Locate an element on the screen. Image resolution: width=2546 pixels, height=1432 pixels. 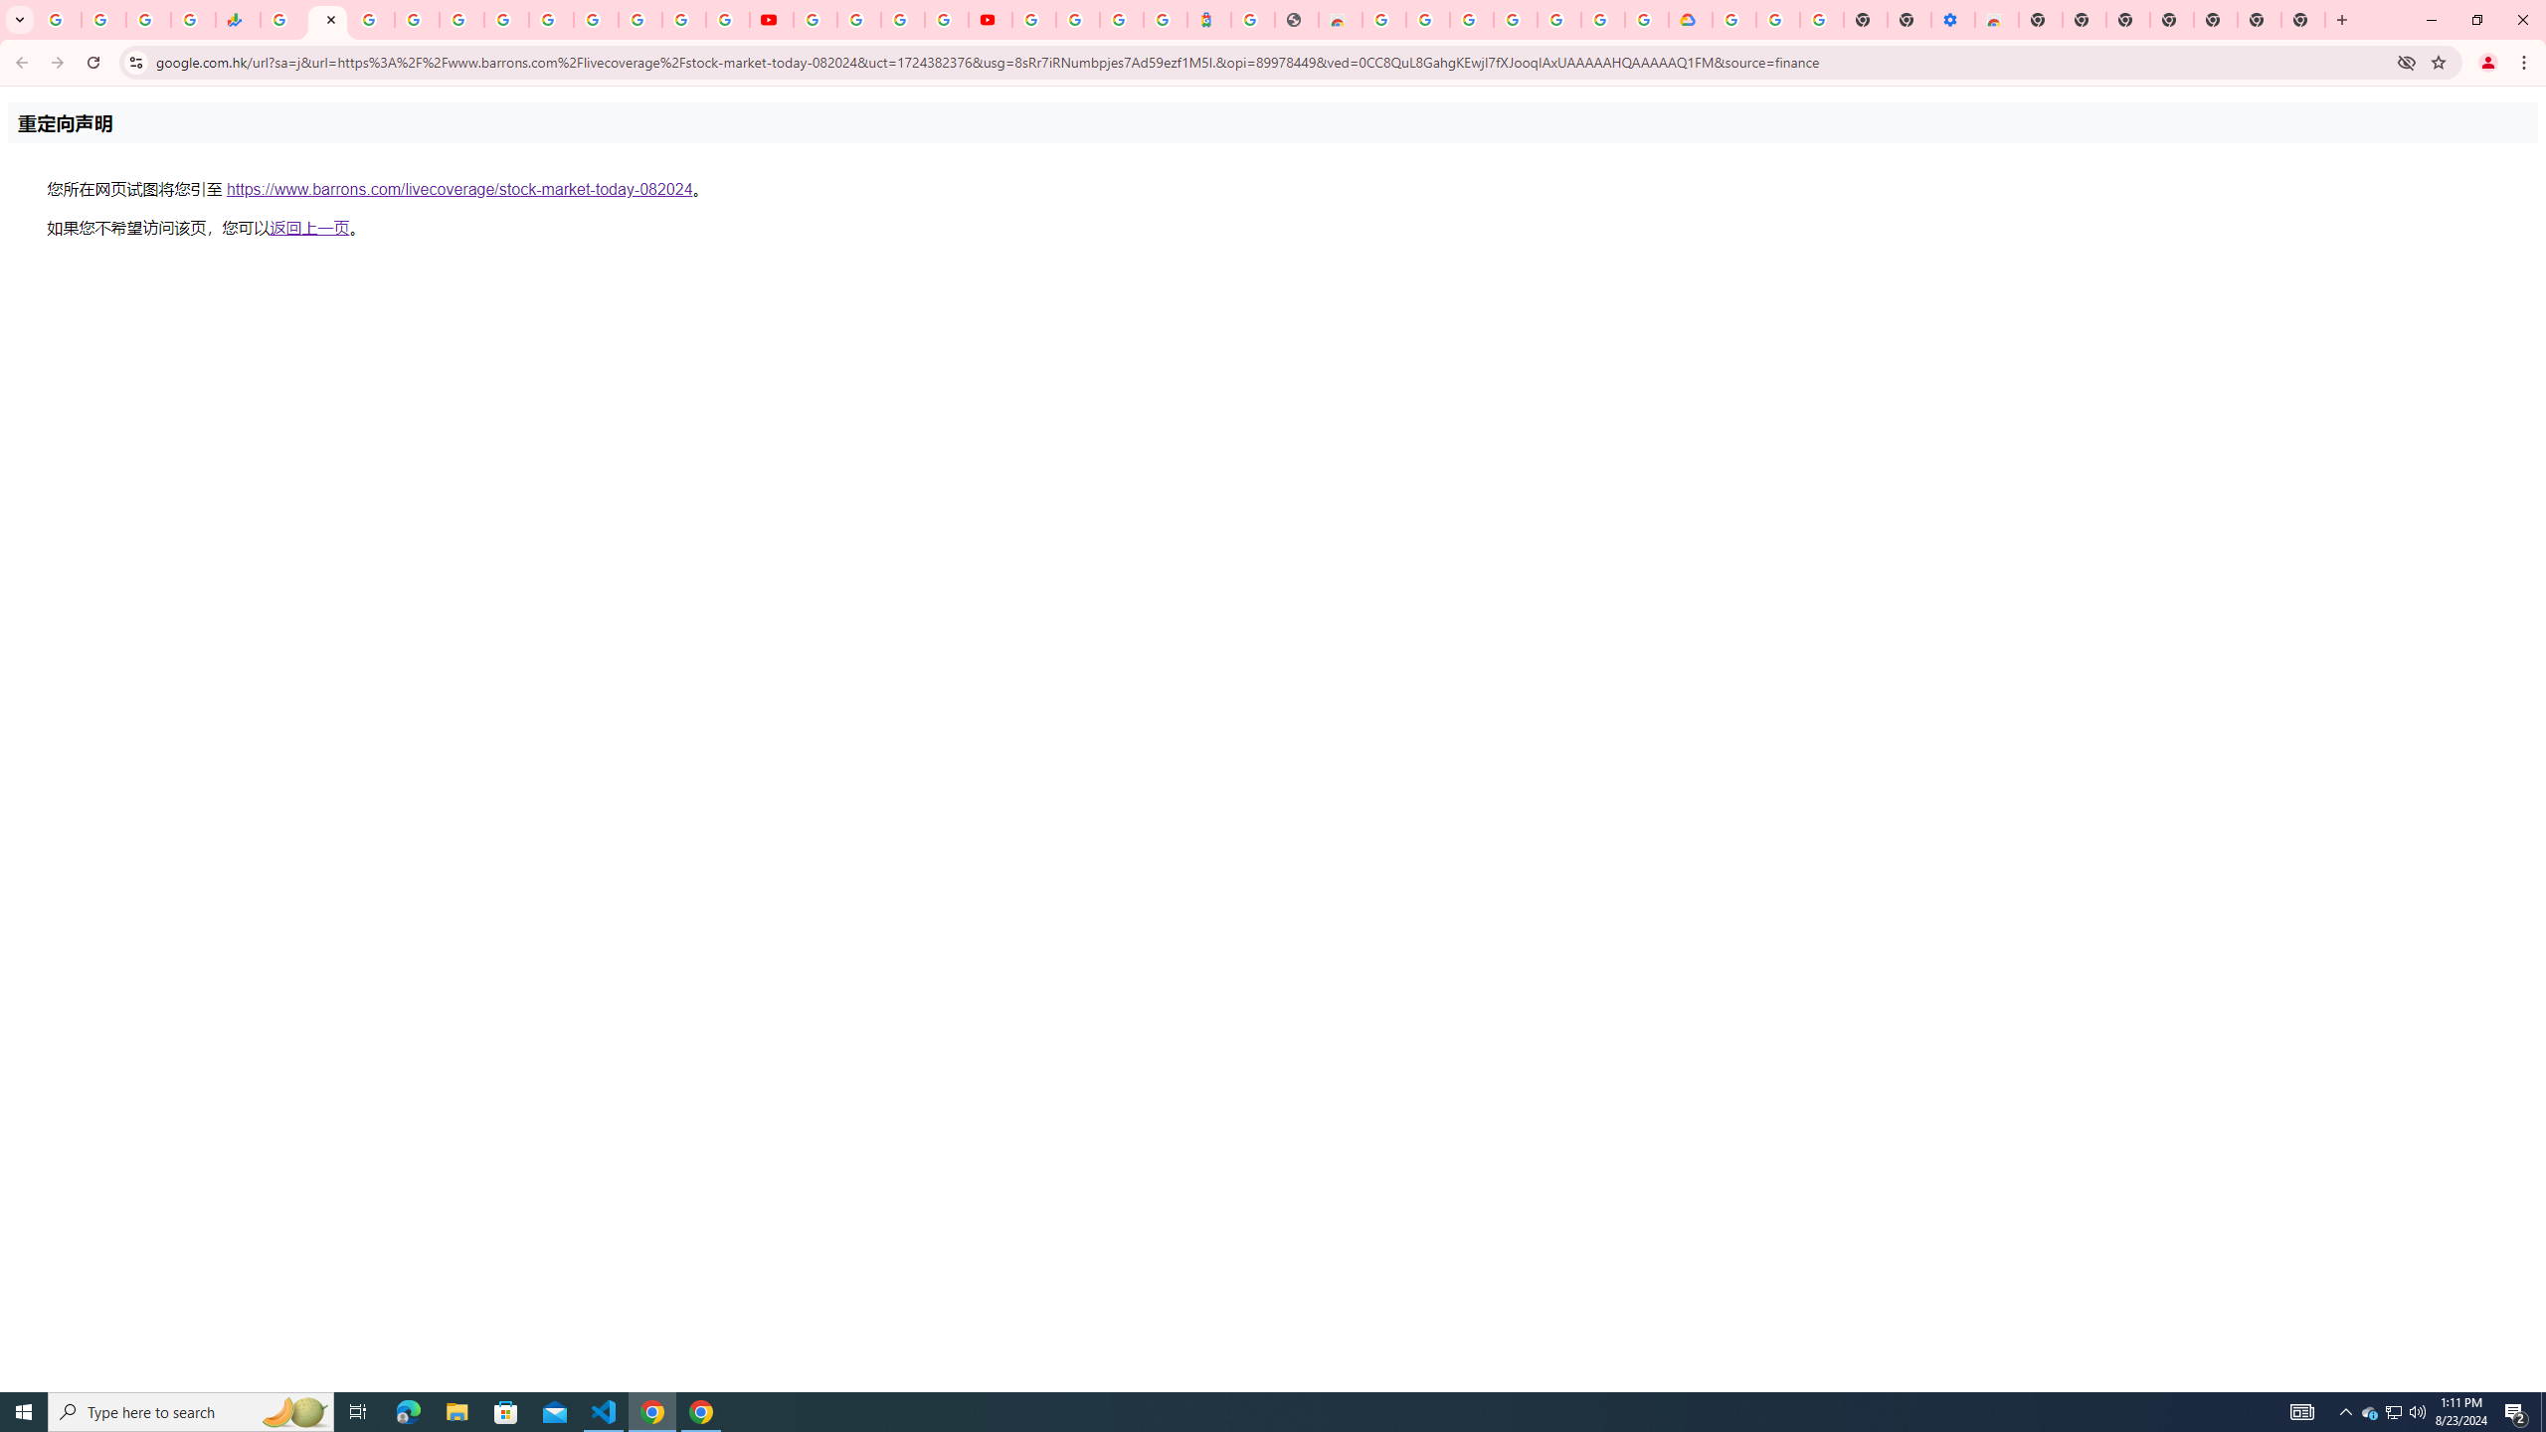
'Privacy Checkup' is located at coordinates (727, 19).